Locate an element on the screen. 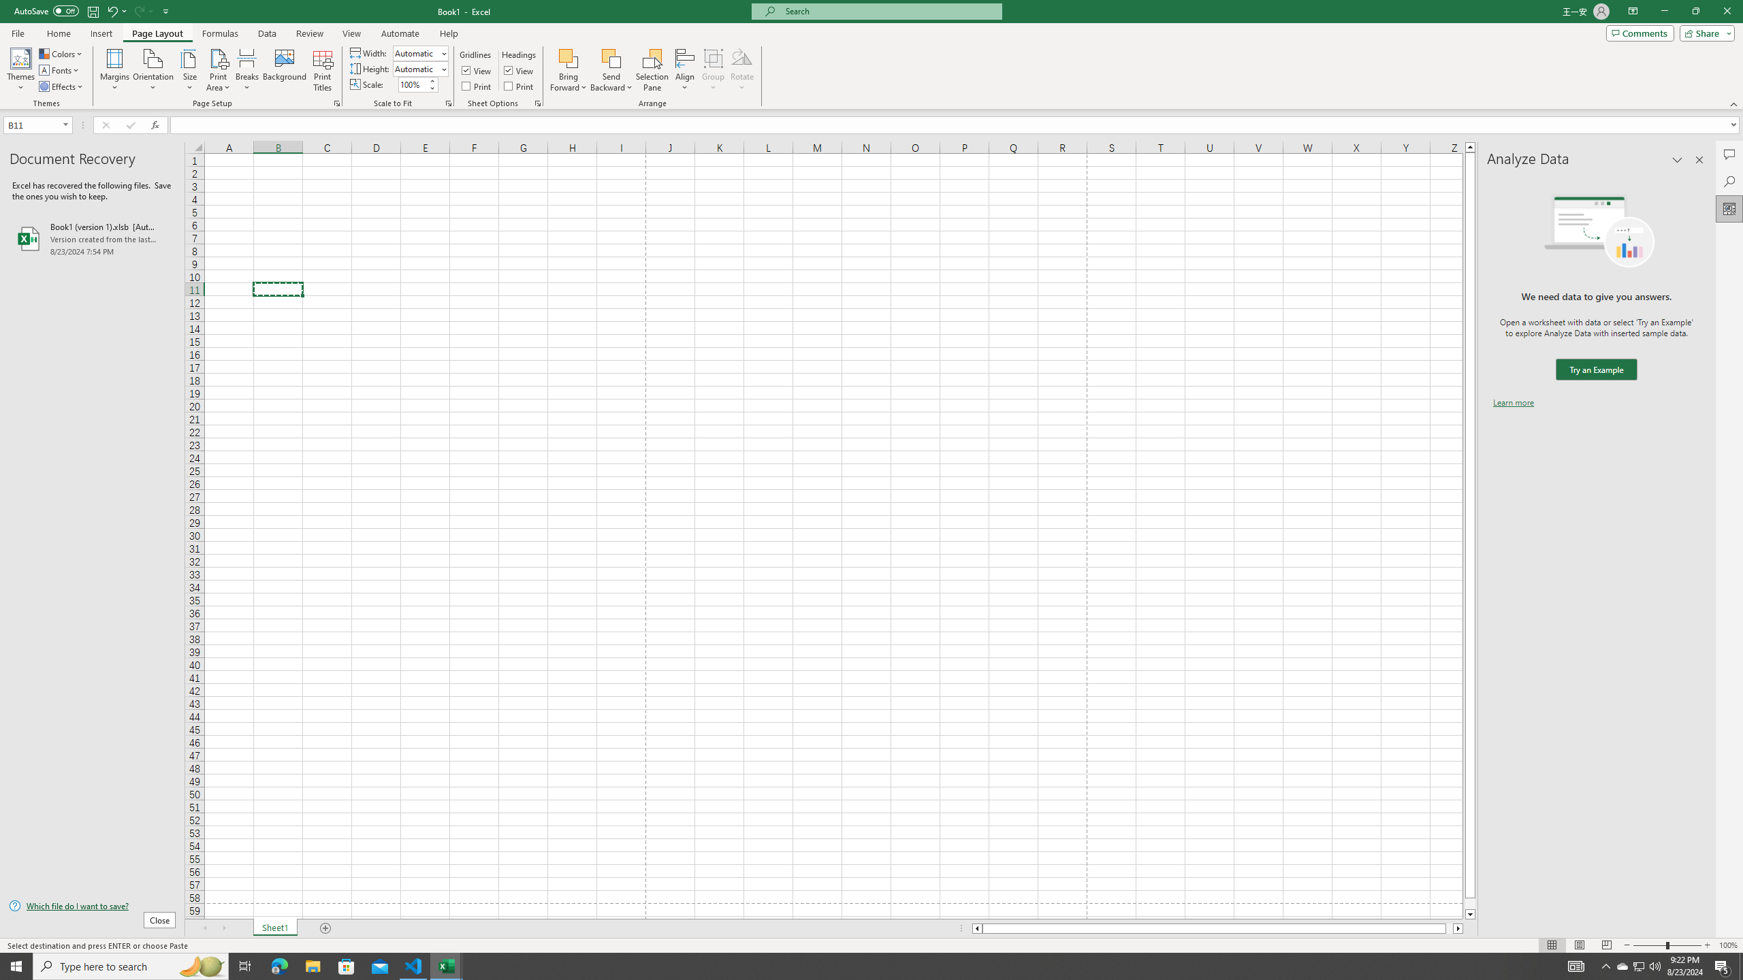  'Page down' is located at coordinates (1470, 904).